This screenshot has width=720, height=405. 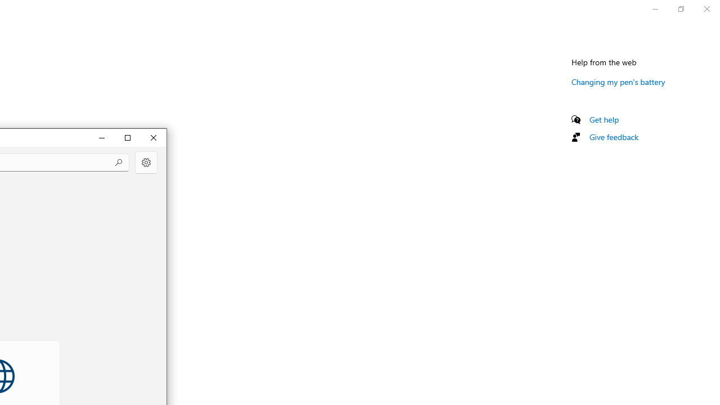 I want to click on 'Settings', so click(x=146, y=163).